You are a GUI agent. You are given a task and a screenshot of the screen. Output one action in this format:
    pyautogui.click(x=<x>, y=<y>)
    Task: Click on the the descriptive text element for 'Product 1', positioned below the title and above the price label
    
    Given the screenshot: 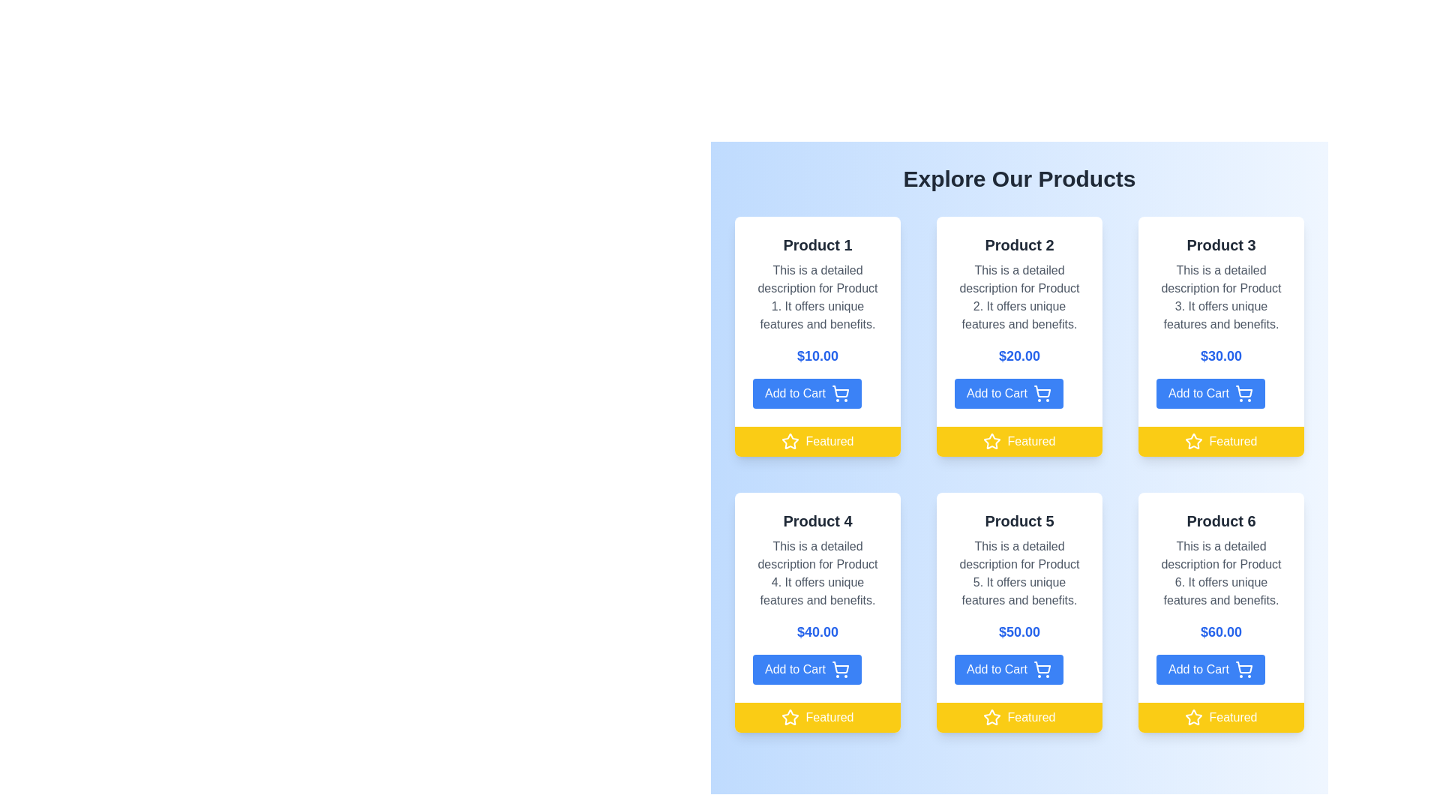 What is the action you would take?
    pyautogui.click(x=817, y=298)
    